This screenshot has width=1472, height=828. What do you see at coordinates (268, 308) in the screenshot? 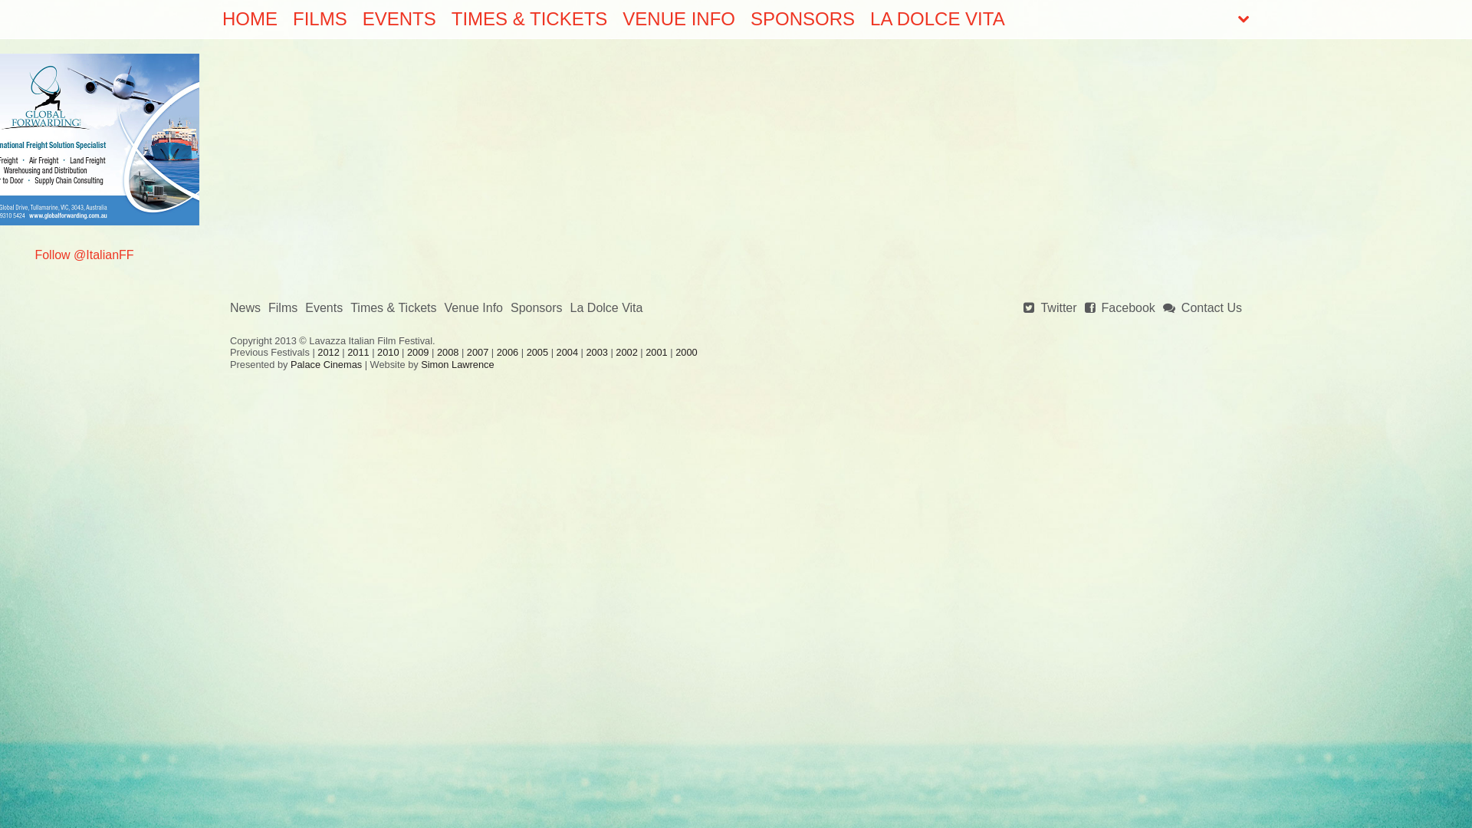
I see `'Films'` at bounding box center [268, 308].